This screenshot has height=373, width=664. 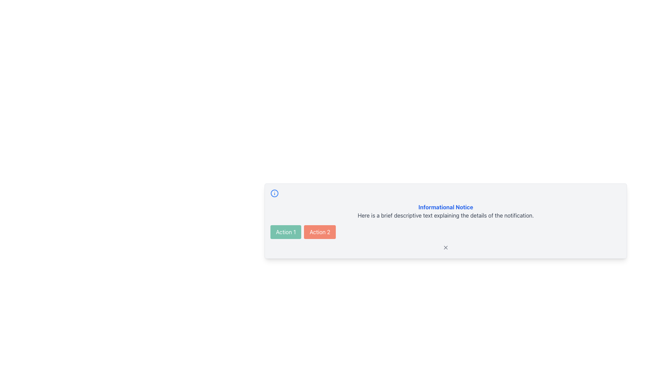 What do you see at coordinates (274, 193) in the screenshot?
I see `the circular blue informational icon containing an 'i' symbol, located at the upper-left corner of the notification card, above the 'Action 1' and 'Action 2' buttons` at bounding box center [274, 193].